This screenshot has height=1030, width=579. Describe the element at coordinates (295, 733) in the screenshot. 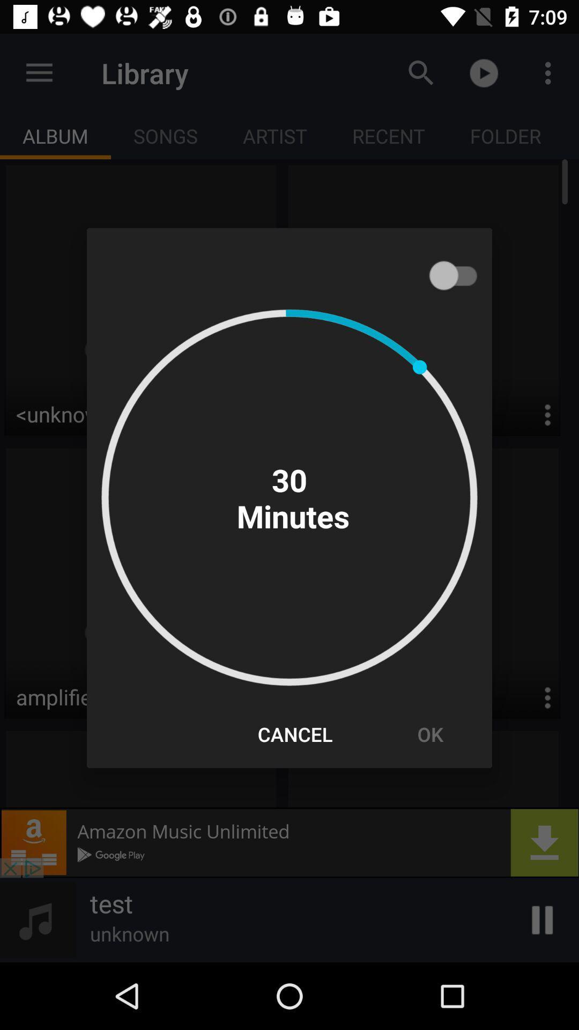

I see `the icon next to ok icon` at that location.